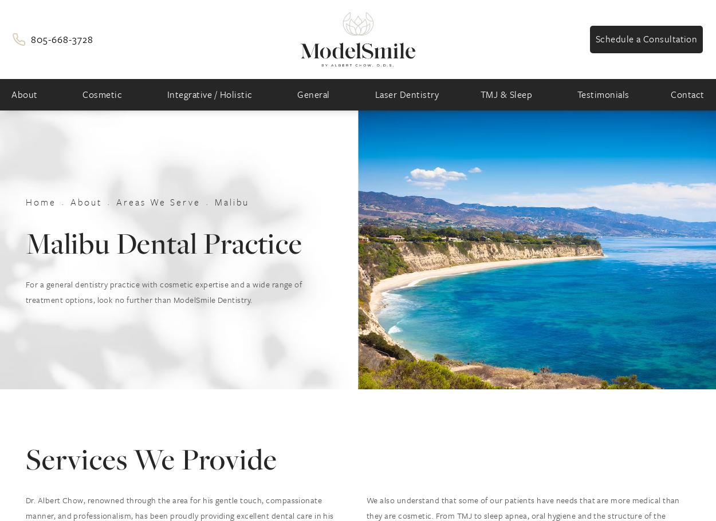 This screenshot has width=716, height=521. I want to click on 'General', so click(313, 94).